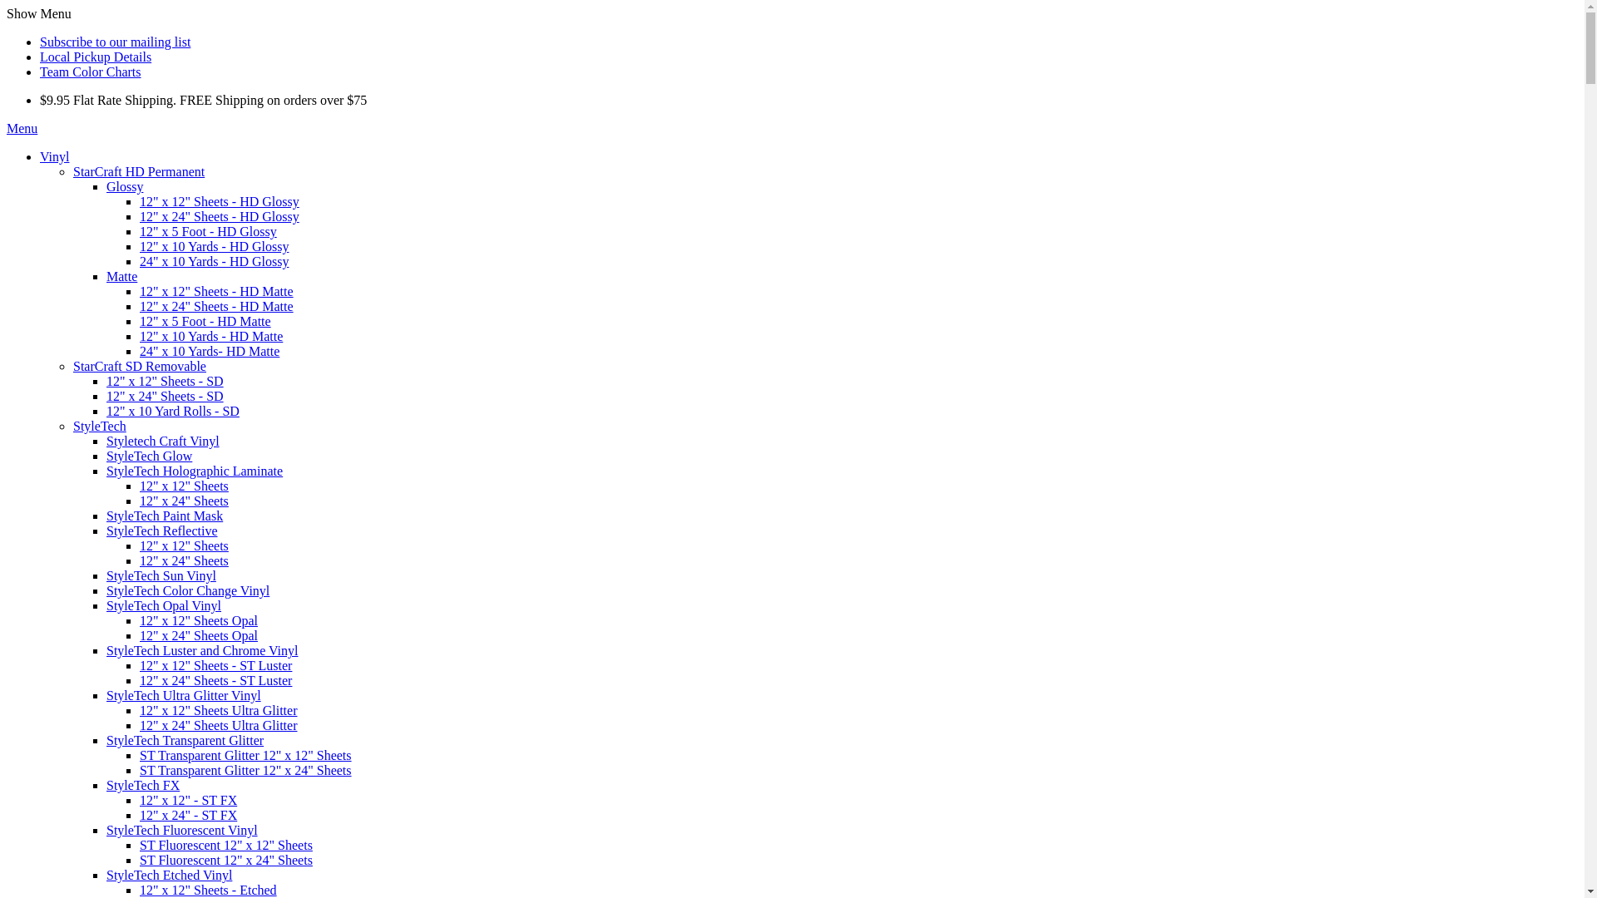 Image resolution: width=1597 pixels, height=898 pixels. Describe the element at coordinates (140, 321) in the screenshot. I see `'12" x 5 Foot - HD Matte'` at that location.